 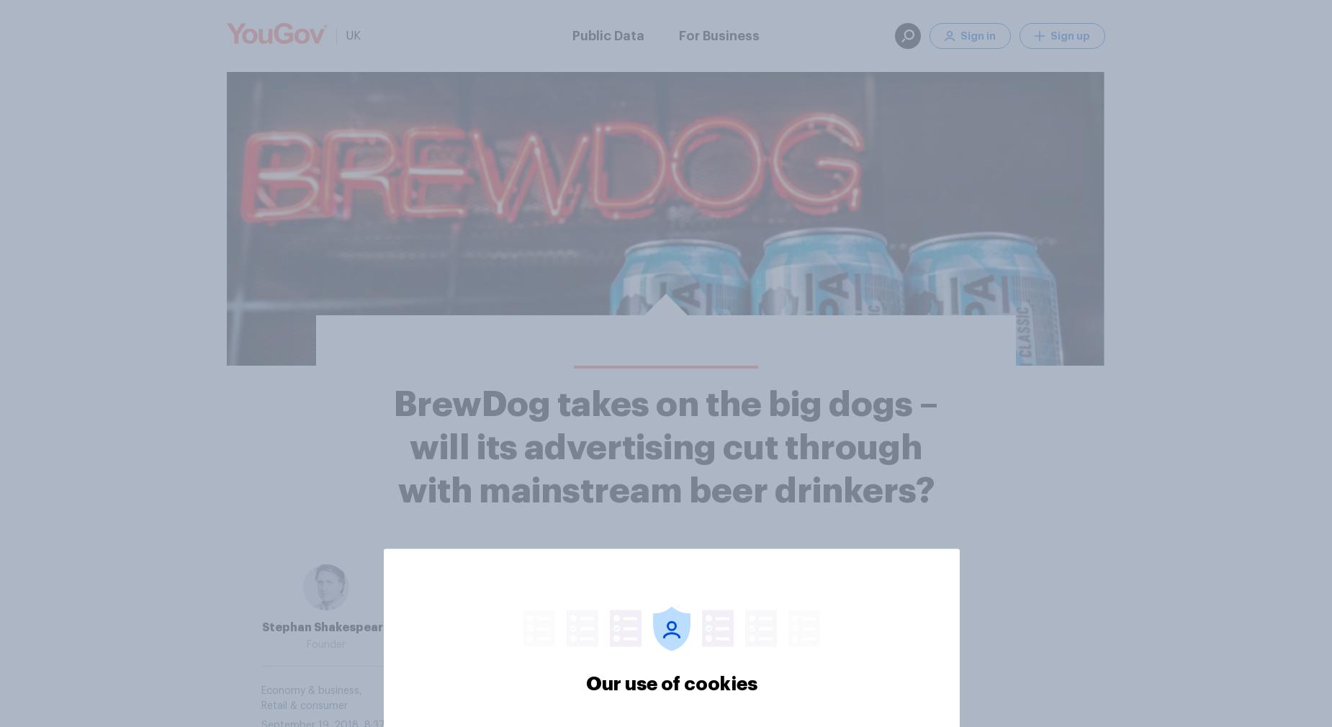 I want to click on 'For Business', so click(x=719, y=34).